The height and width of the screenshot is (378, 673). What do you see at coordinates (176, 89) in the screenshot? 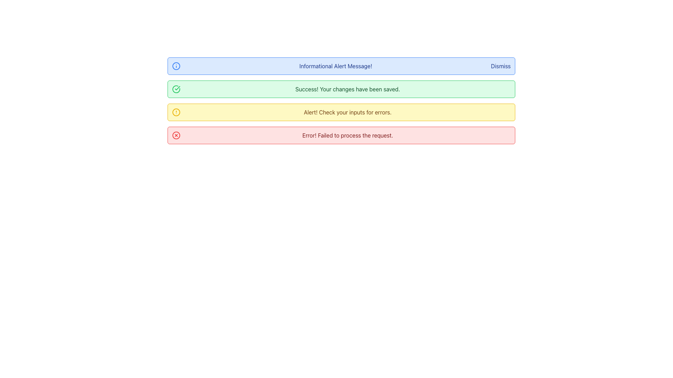
I see `the success icon located at the left end of the green notification box that signifies confirmation, positioned before the text 'Success! Your changes have been saved.'` at bounding box center [176, 89].